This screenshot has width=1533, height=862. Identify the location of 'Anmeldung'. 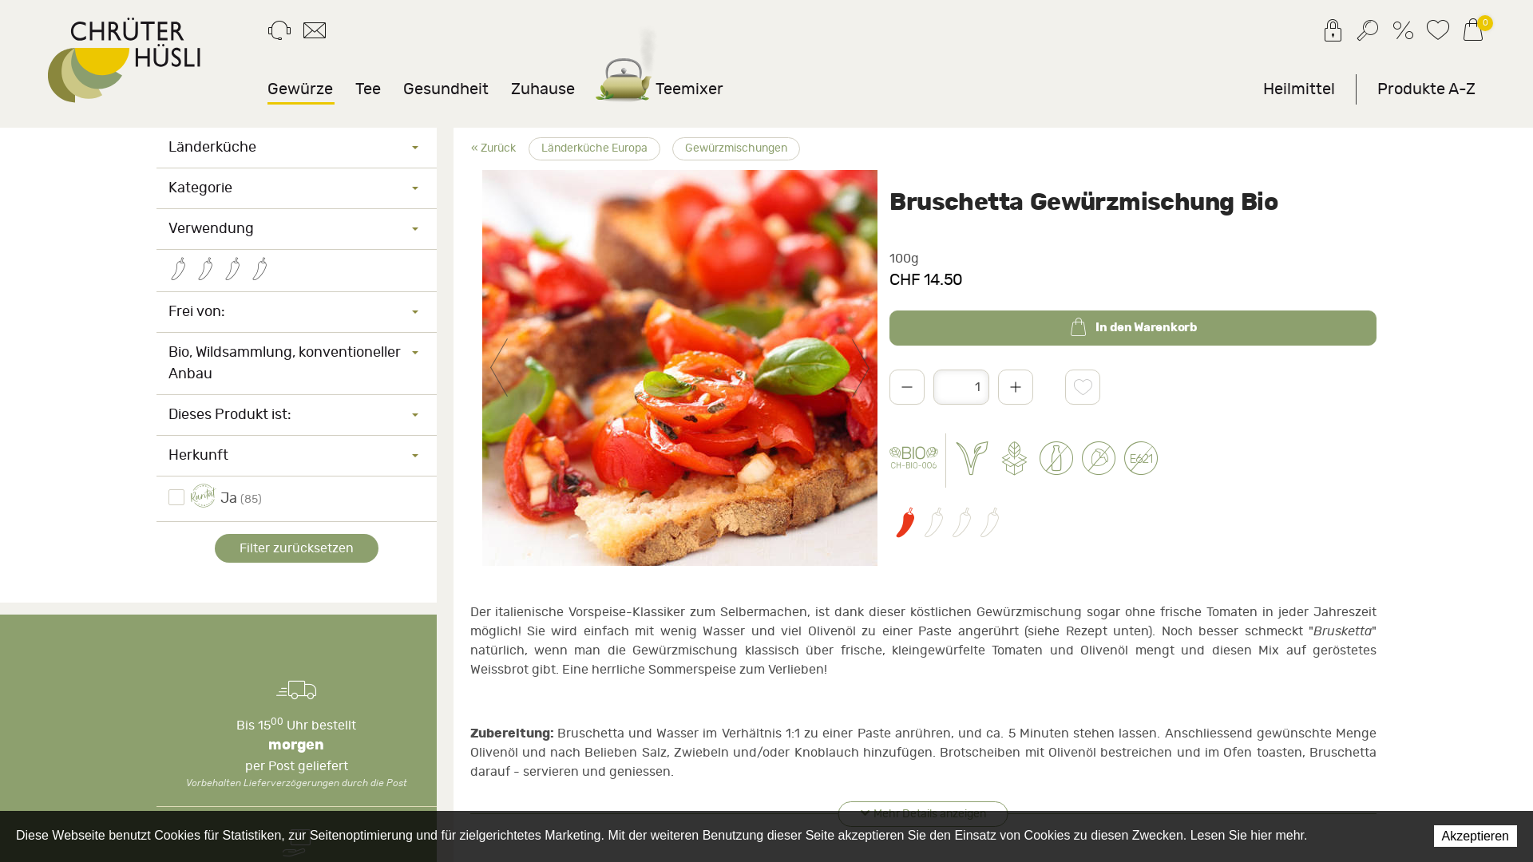
(1321, 34).